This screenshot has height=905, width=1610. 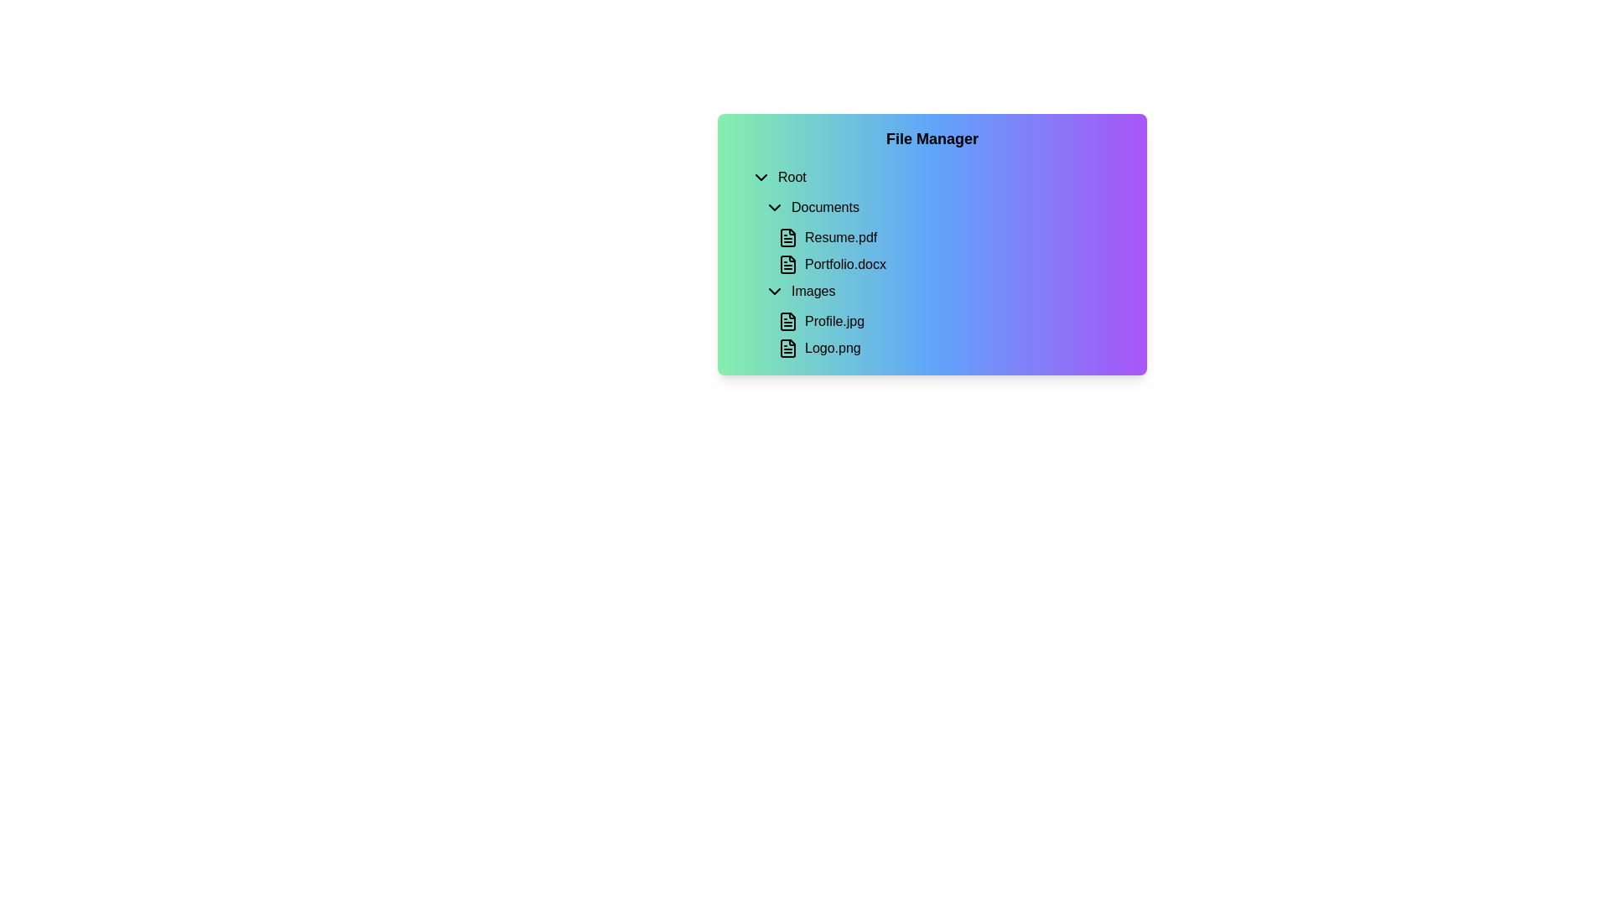 I want to click on the text label representing the file 'Portfolio.docx' in the file manager, so click(x=845, y=264).